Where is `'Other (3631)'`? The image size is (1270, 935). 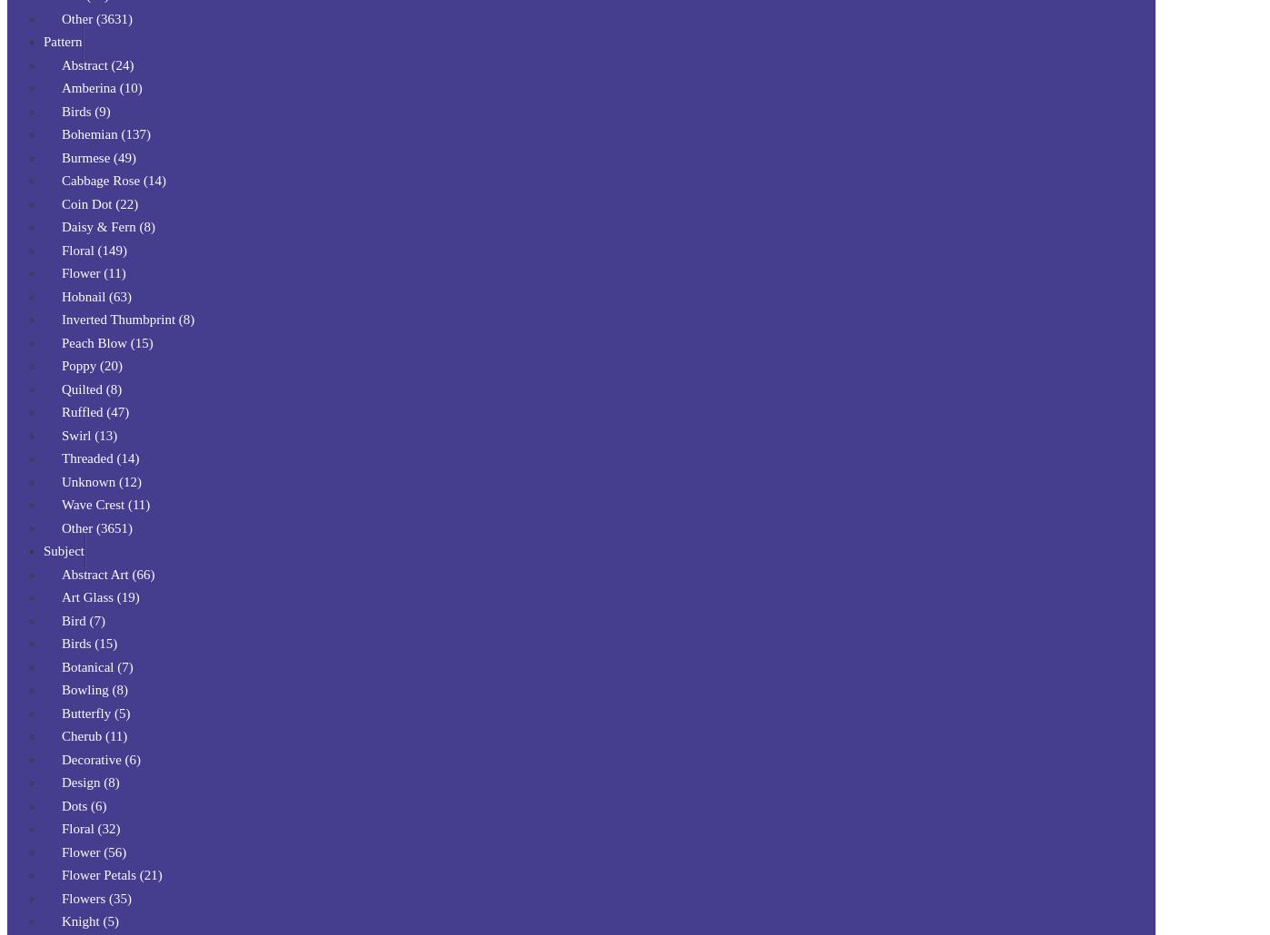 'Other (3631)' is located at coordinates (61, 17).